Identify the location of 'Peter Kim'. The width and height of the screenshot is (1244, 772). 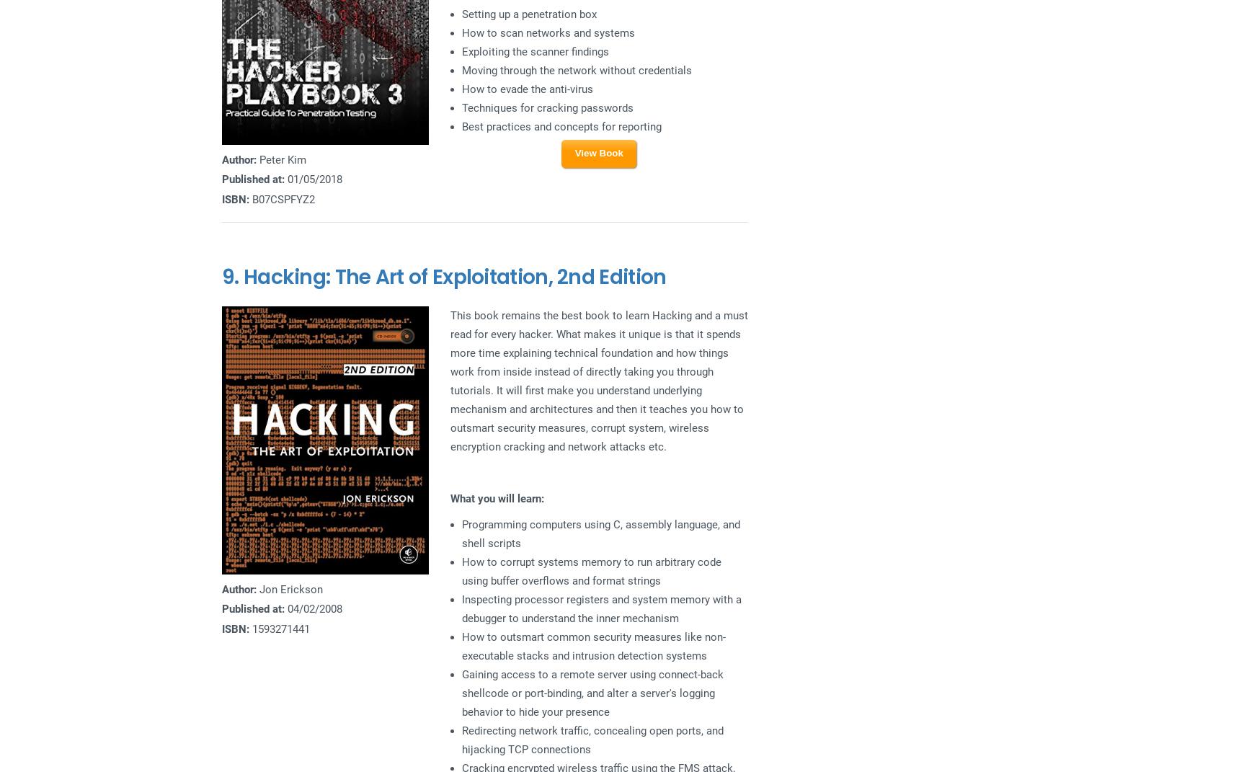
(281, 158).